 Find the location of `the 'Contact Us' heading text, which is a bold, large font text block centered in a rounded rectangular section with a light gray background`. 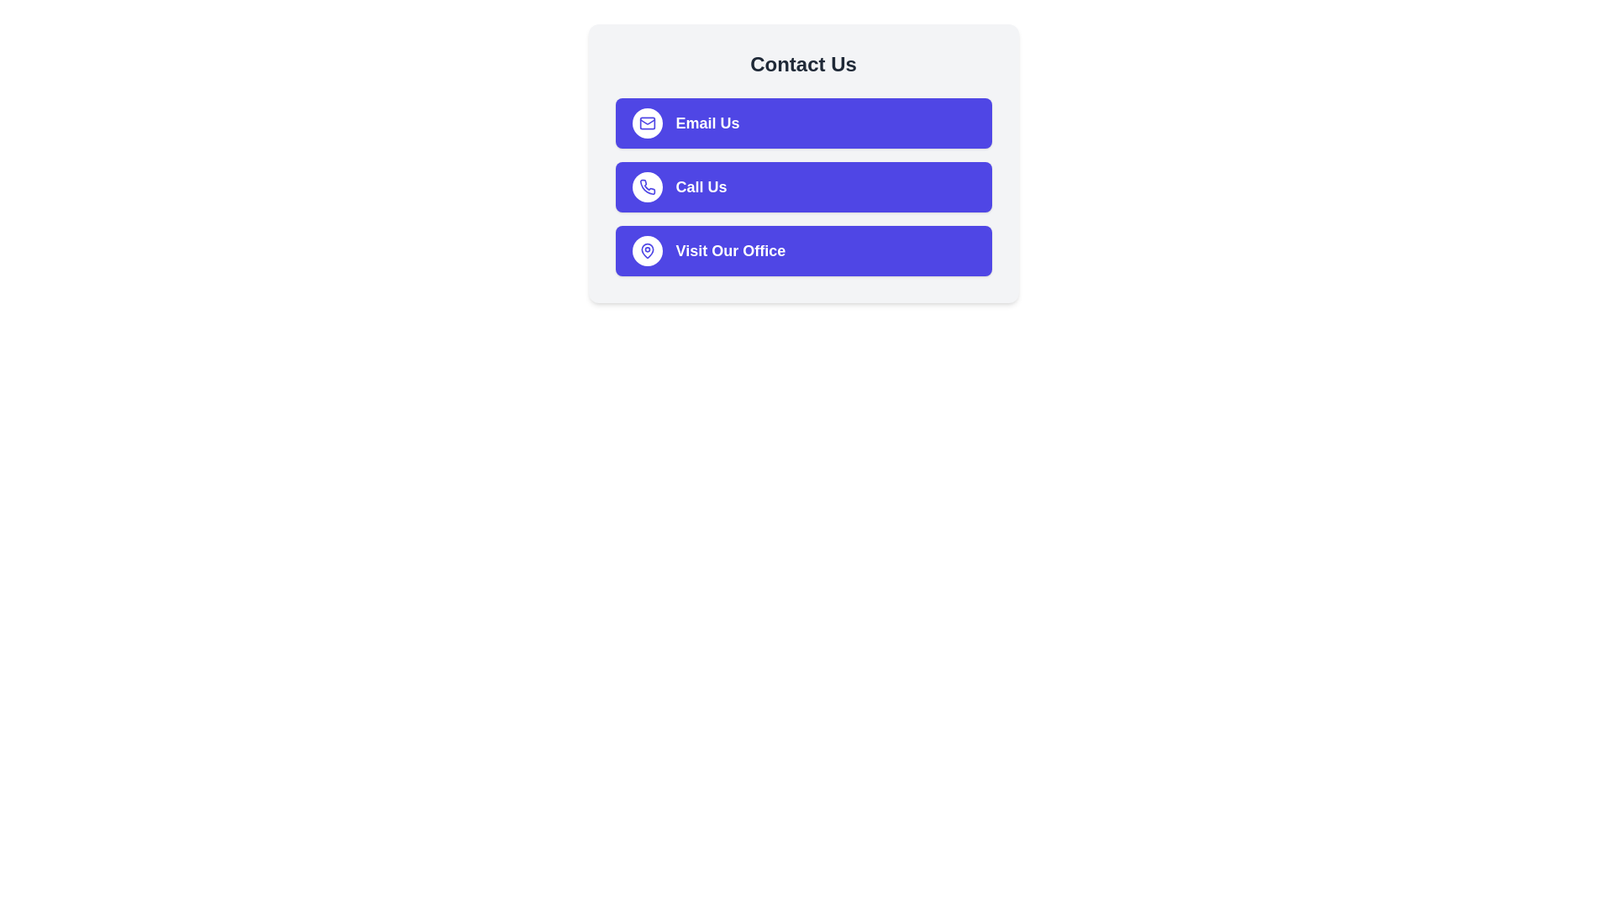

the 'Contact Us' heading text, which is a bold, large font text block centered in a rounded rectangular section with a light gray background is located at coordinates (802, 64).